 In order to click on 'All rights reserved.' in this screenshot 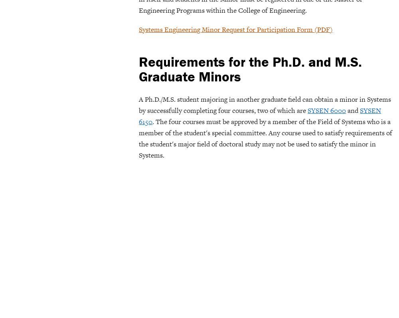, I will do `click(371, 20)`.